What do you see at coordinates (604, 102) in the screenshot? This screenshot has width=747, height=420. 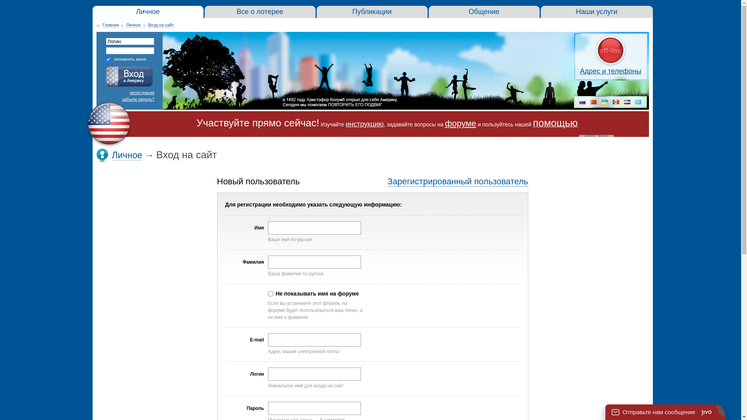 I see `'ua'` at bounding box center [604, 102].